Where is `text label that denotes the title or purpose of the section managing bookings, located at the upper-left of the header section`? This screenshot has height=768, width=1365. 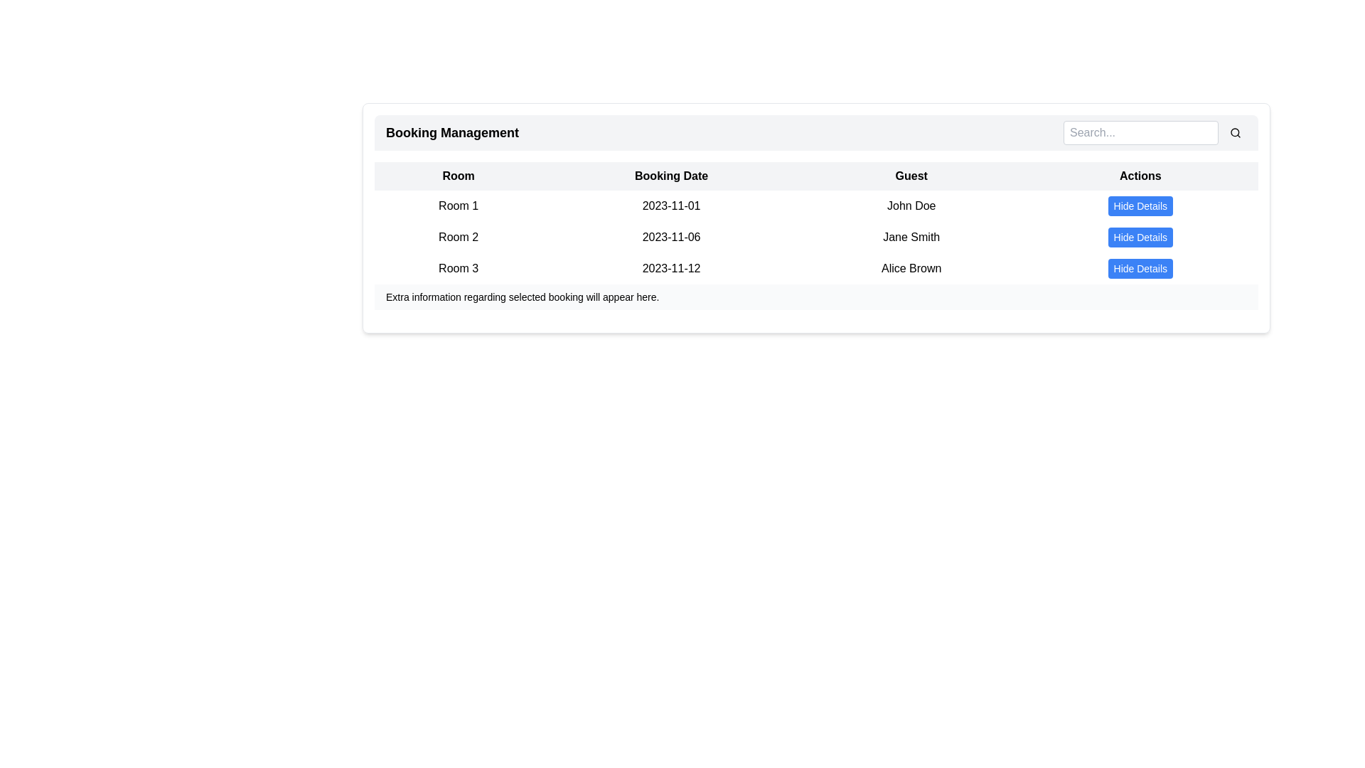
text label that denotes the title or purpose of the section managing bookings, located at the upper-left of the header section is located at coordinates (451, 132).